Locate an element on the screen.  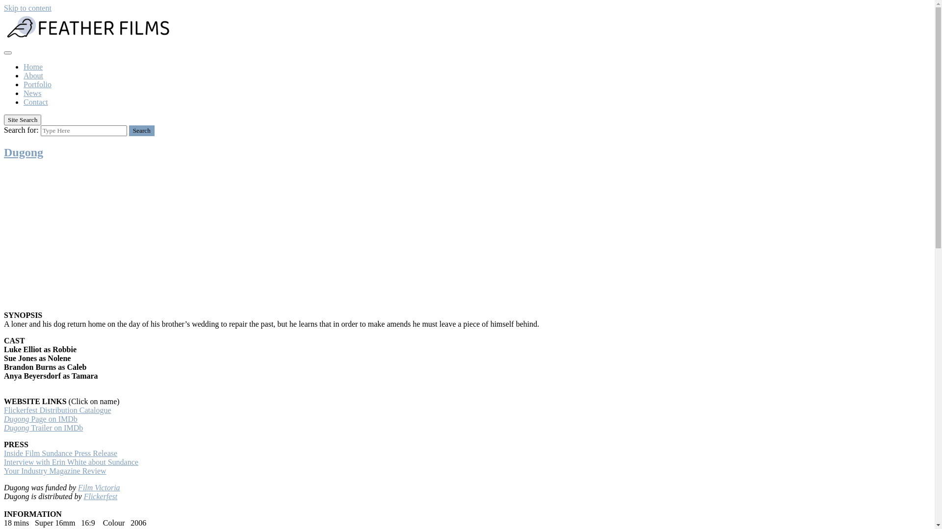
'About' is located at coordinates (24, 75).